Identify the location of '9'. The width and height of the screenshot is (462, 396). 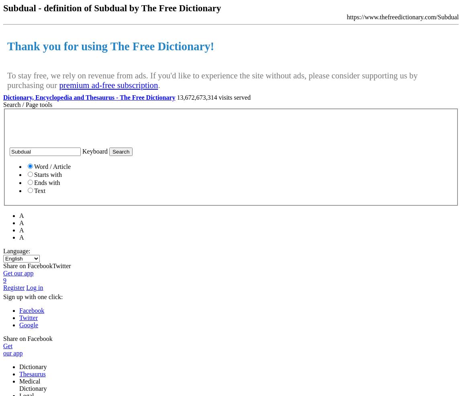
(4, 280).